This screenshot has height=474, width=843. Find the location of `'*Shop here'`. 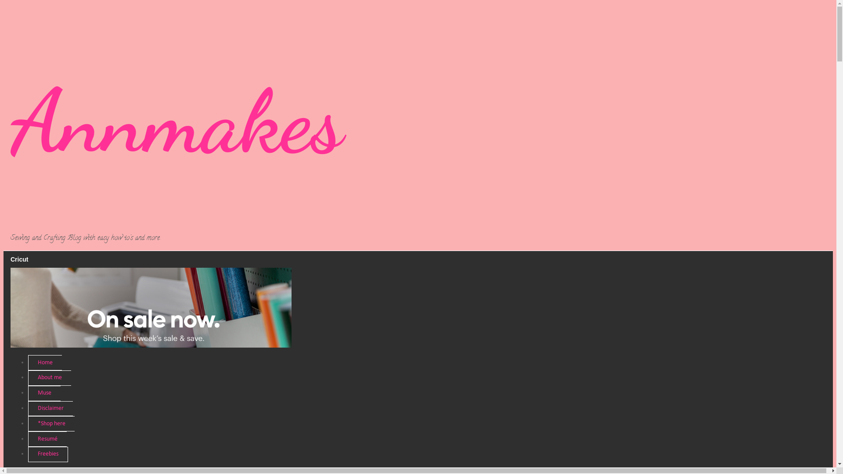

'*Shop here' is located at coordinates (50, 423).